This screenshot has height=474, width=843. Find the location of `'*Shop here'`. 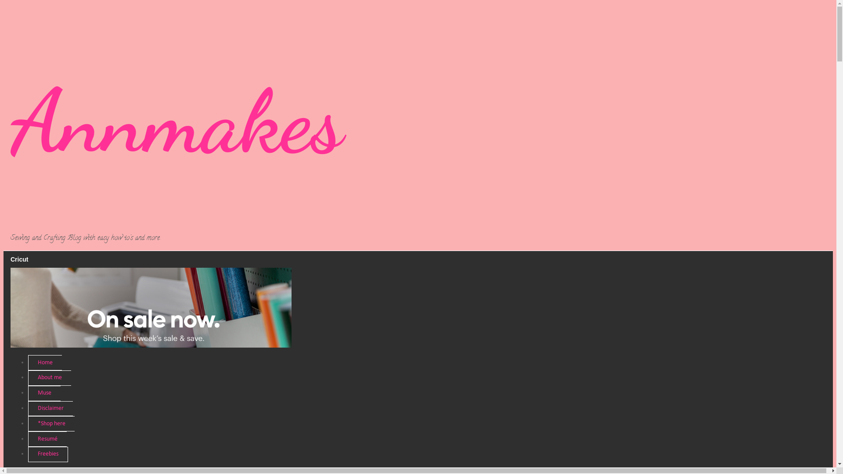

'*Shop here' is located at coordinates (50, 423).